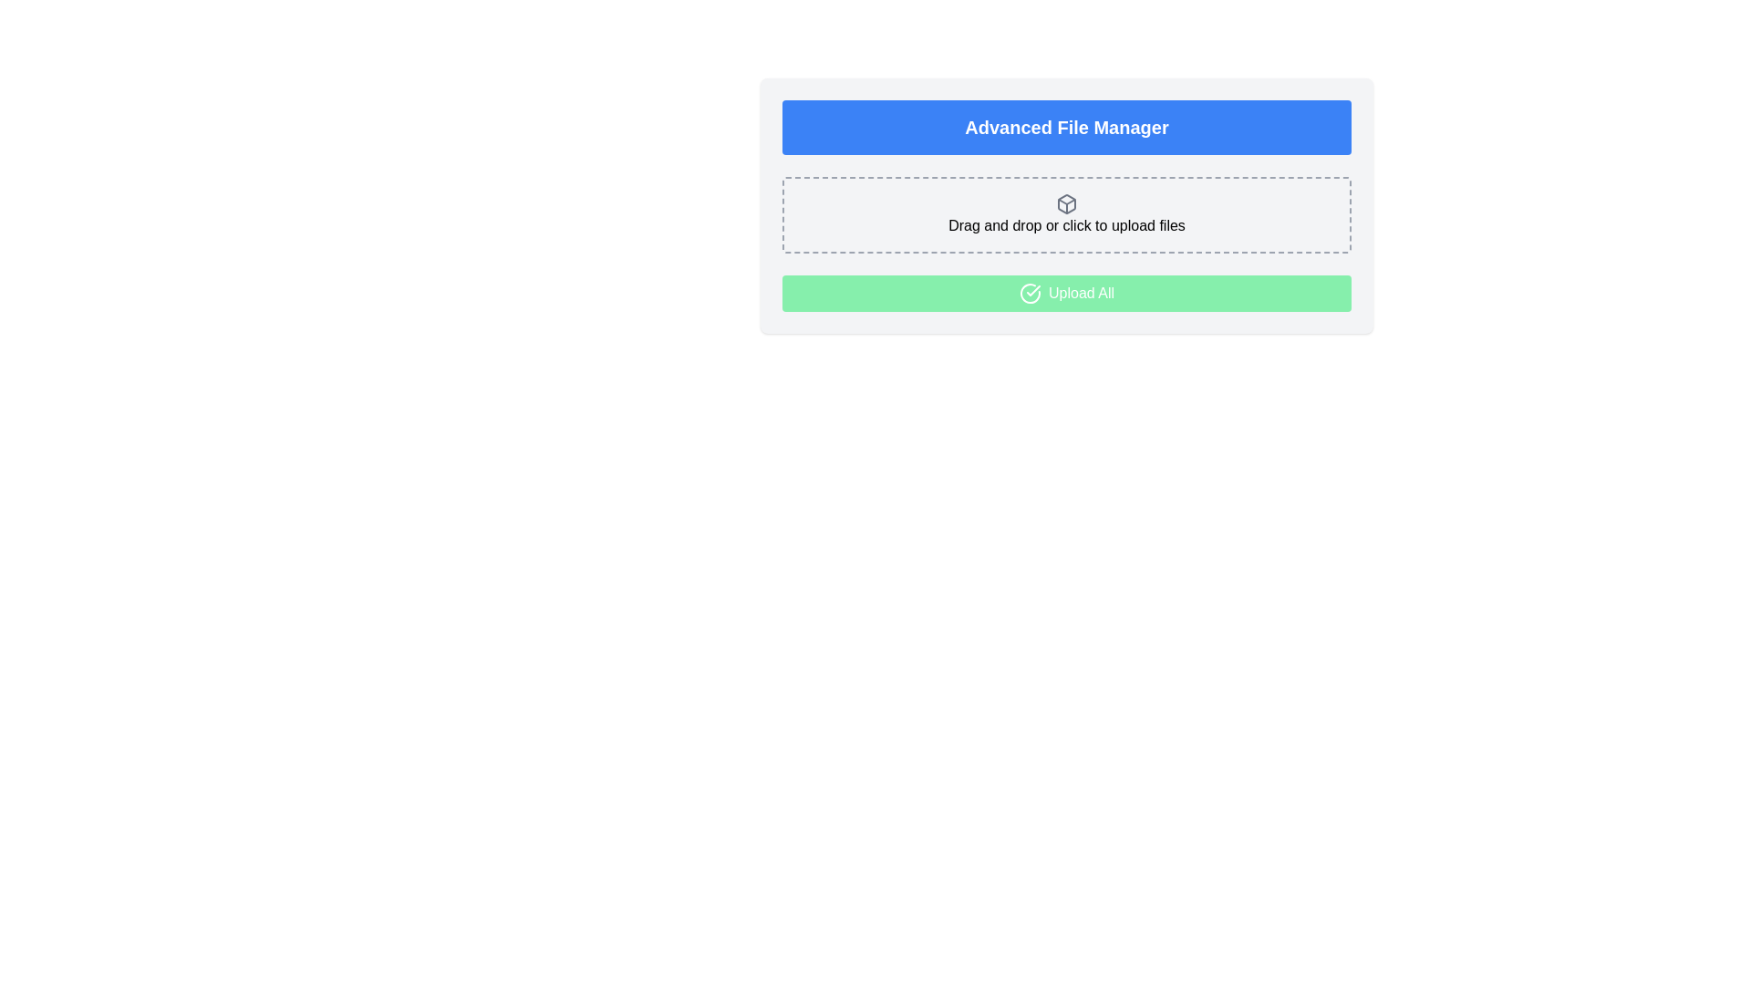 This screenshot has width=1751, height=985. I want to click on the circular green icon with a white outline of a checkmark that is positioned to the left of the text 'Upload All', so click(1030, 292).